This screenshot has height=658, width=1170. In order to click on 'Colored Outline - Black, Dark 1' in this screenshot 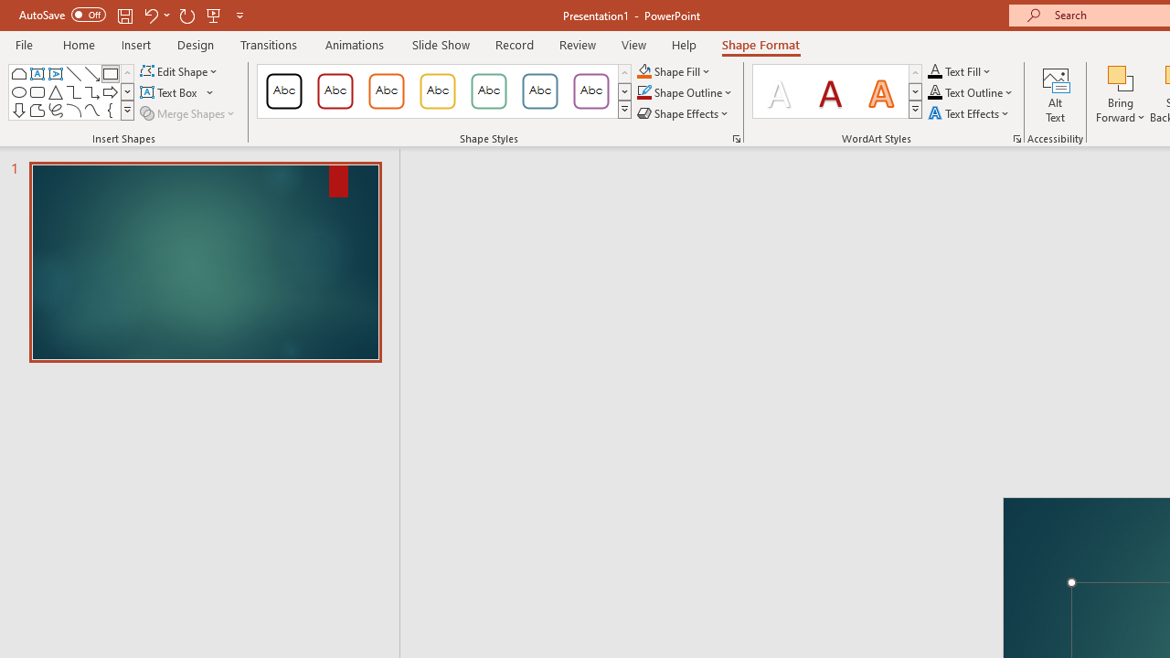, I will do `click(283, 91)`.